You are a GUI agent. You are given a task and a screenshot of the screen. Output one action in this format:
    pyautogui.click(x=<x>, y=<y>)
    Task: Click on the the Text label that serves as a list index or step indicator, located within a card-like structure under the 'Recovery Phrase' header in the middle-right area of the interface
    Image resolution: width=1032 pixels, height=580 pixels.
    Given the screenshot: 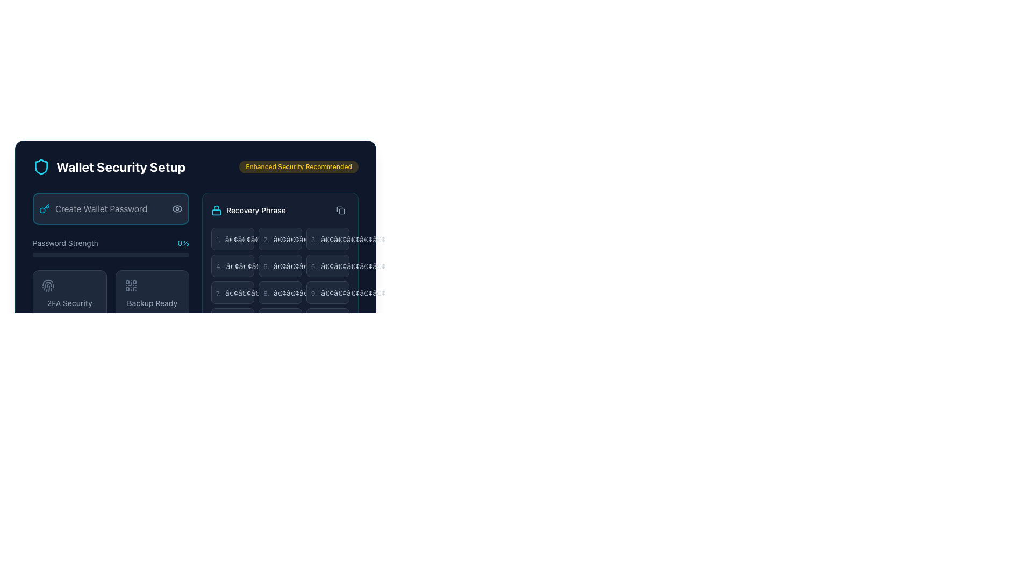 What is the action you would take?
    pyautogui.click(x=266, y=239)
    